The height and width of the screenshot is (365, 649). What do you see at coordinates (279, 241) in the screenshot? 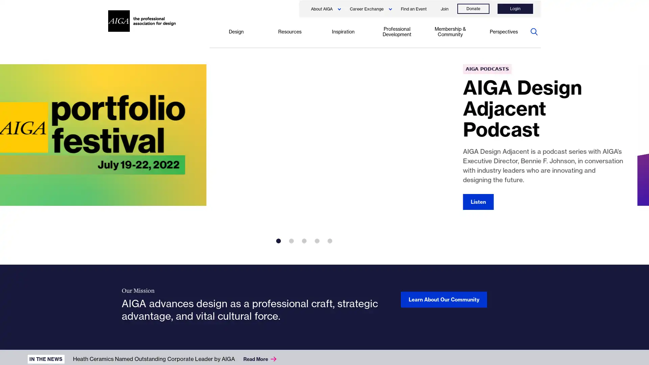
I see `1 of 5` at bounding box center [279, 241].